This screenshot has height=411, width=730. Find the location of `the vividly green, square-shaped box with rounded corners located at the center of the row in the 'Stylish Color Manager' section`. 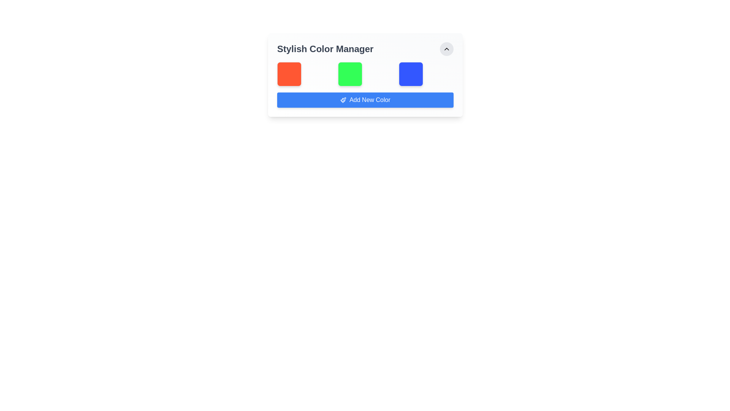

the vividly green, square-shaped box with rounded corners located at the center of the row in the 'Stylish Color Manager' section is located at coordinates (350, 74).